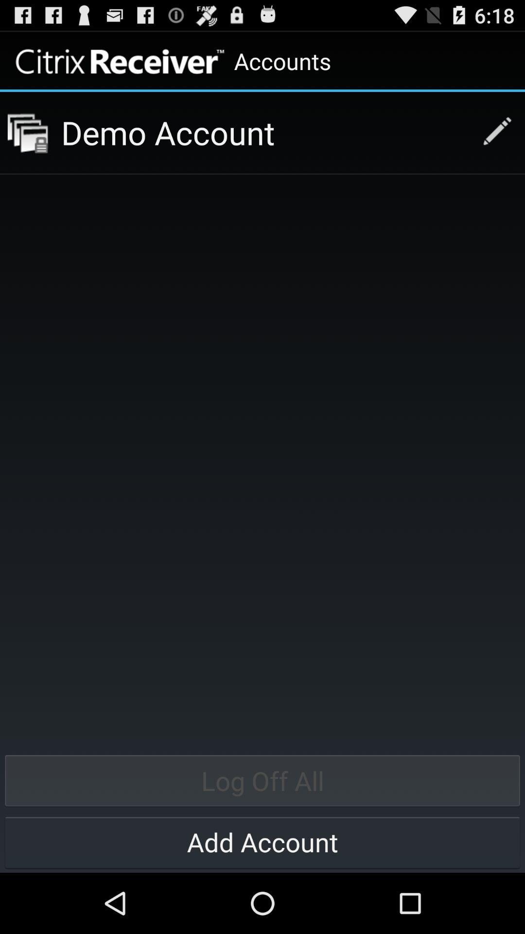  What do you see at coordinates (492, 132) in the screenshot?
I see `the icon at the top right corner` at bounding box center [492, 132].